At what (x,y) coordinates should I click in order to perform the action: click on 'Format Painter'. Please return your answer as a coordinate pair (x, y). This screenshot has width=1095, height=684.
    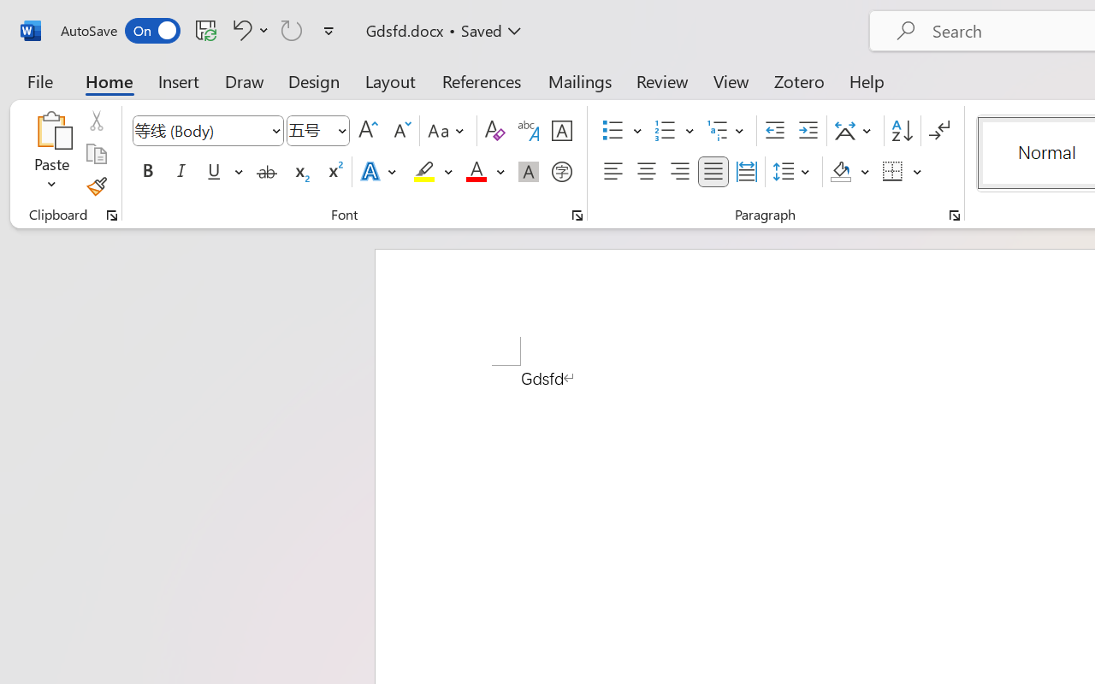
    Looking at the image, I should click on (95, 186).